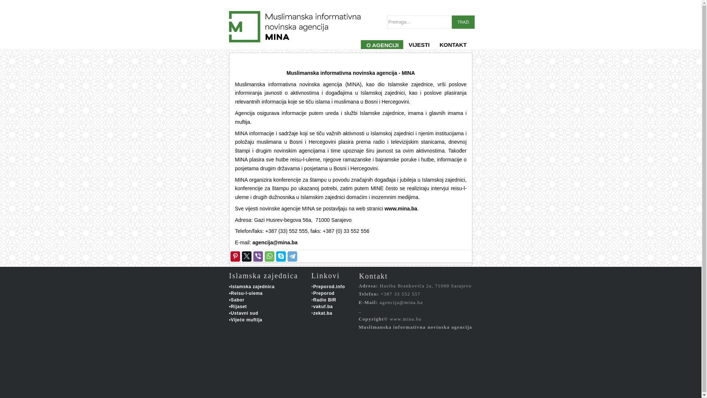 The image size is (707, 398). What do you see at coordinates (292, 256) in the screenshot?
I see `'Telegram'` at bounding box center [292, 256].